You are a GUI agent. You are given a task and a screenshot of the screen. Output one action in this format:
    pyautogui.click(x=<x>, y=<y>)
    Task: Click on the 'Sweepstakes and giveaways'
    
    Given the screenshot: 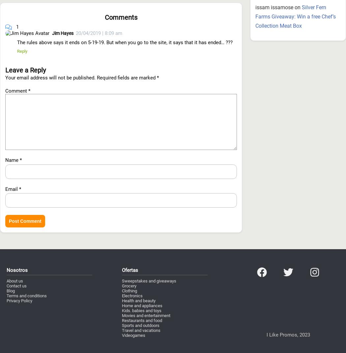 What is the action you would take?
    pyautogui.click(x=149, y=245)
    